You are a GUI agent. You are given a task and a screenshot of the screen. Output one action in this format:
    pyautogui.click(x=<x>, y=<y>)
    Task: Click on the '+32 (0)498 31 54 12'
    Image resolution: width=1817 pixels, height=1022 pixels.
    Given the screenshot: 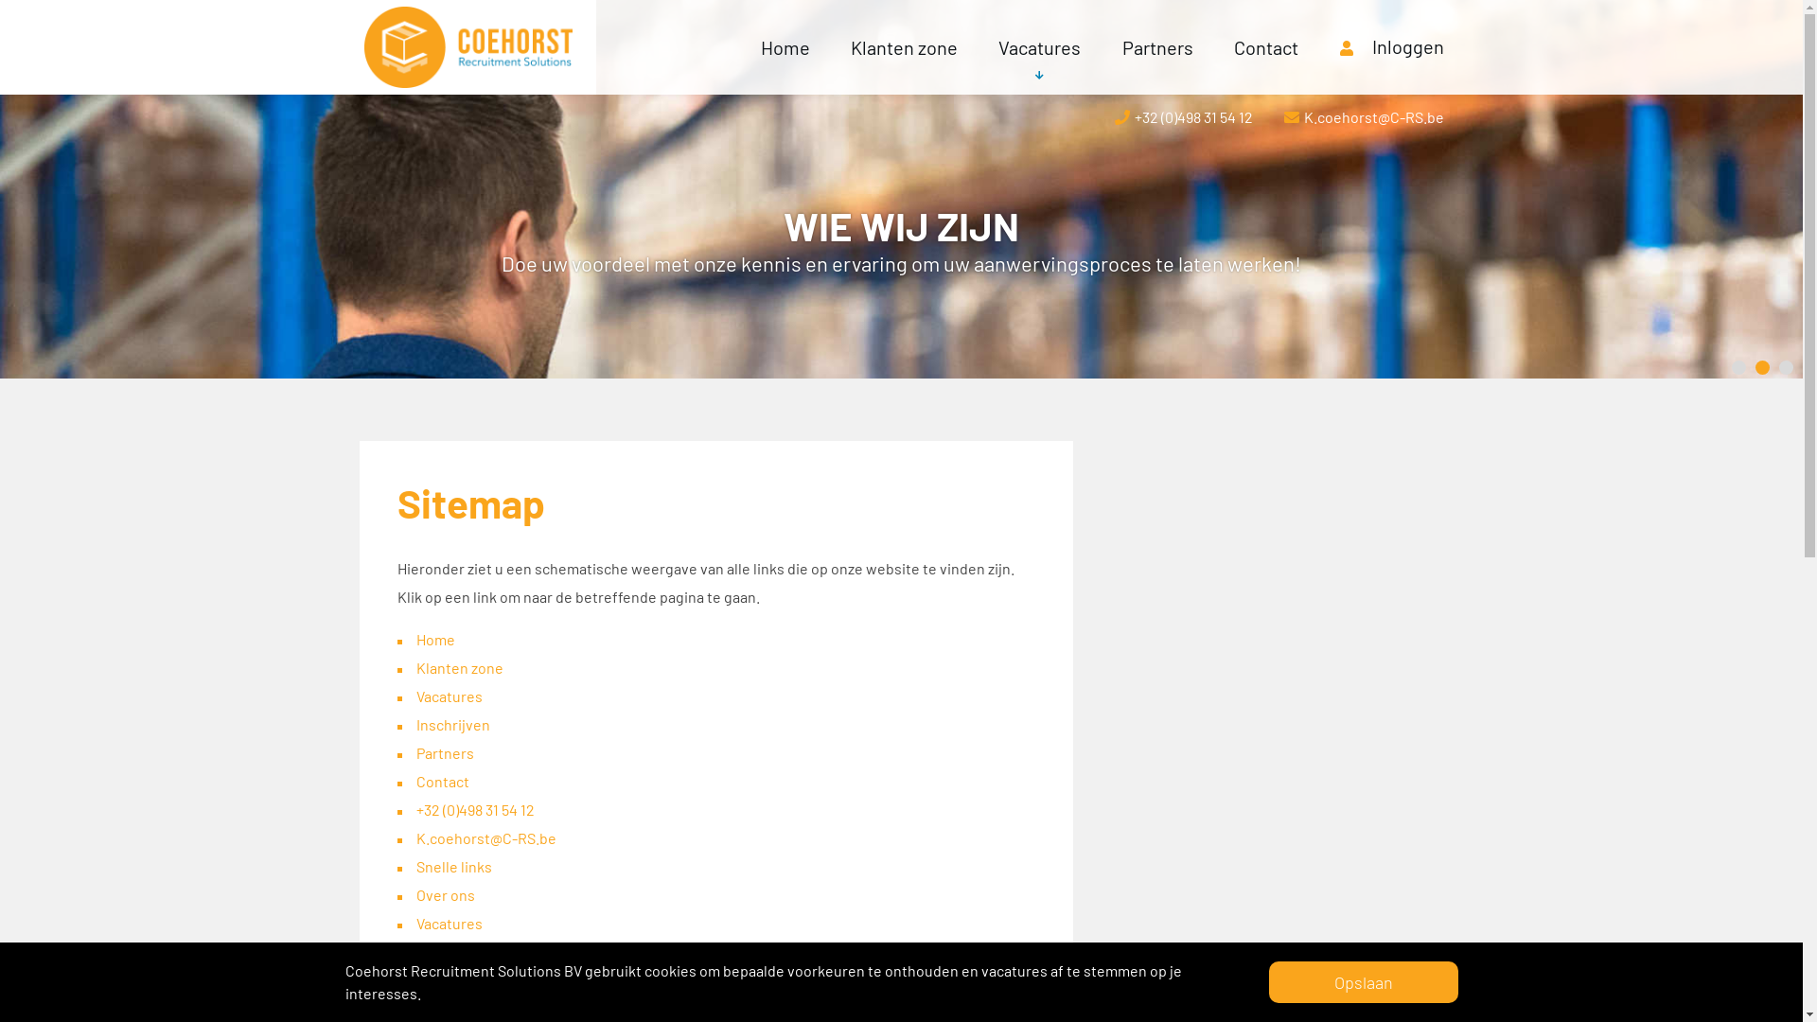 What is the action you would take?
    pyautogui.click(x=475, y=809)
    